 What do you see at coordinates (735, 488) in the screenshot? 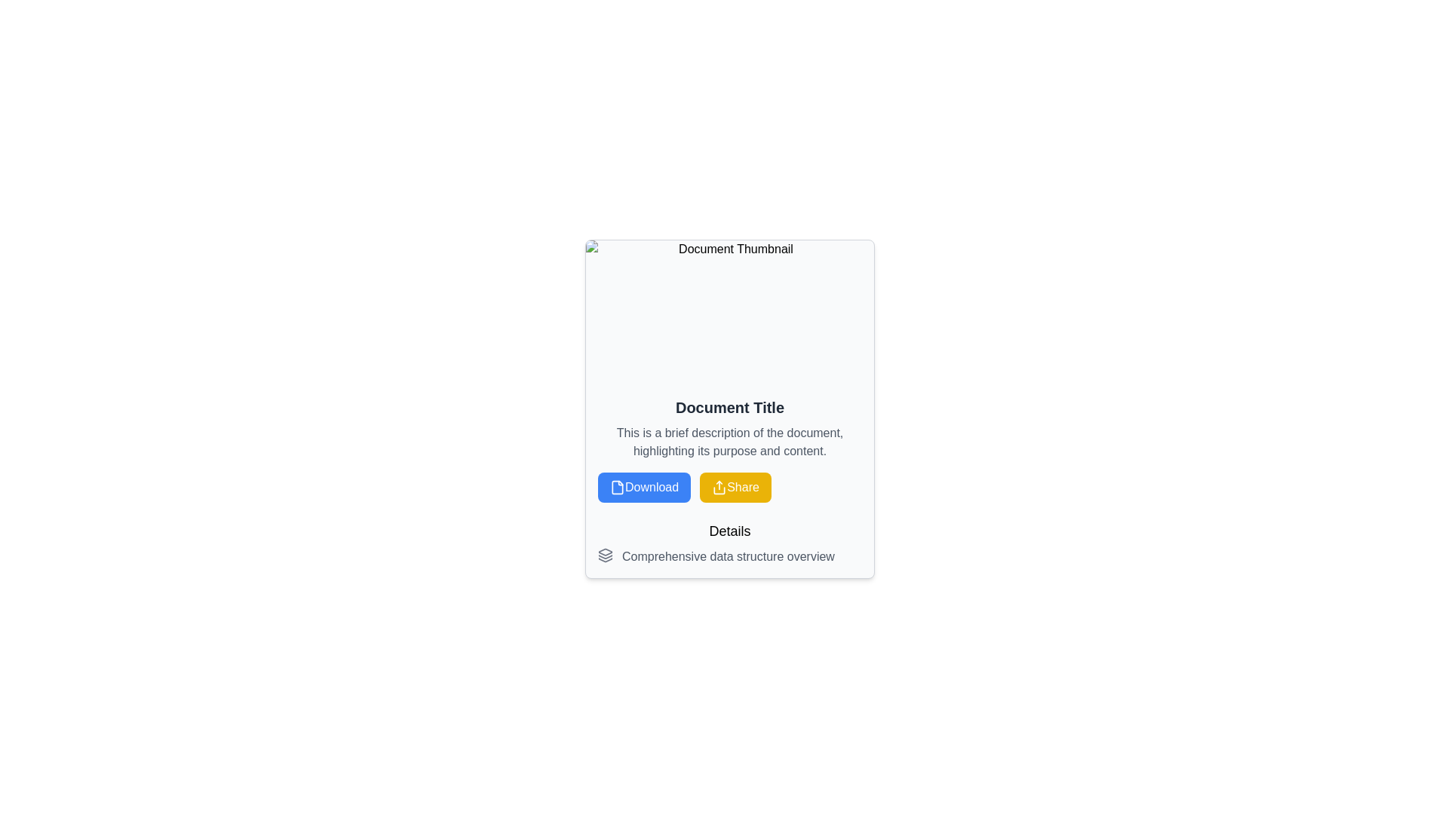
I see `the 'Share' button which is a rectangular button with a vibrant yellow background and white text, located to the right of the 'Download' button at the bottom of the main card interface` at bounding box center [735, 488].